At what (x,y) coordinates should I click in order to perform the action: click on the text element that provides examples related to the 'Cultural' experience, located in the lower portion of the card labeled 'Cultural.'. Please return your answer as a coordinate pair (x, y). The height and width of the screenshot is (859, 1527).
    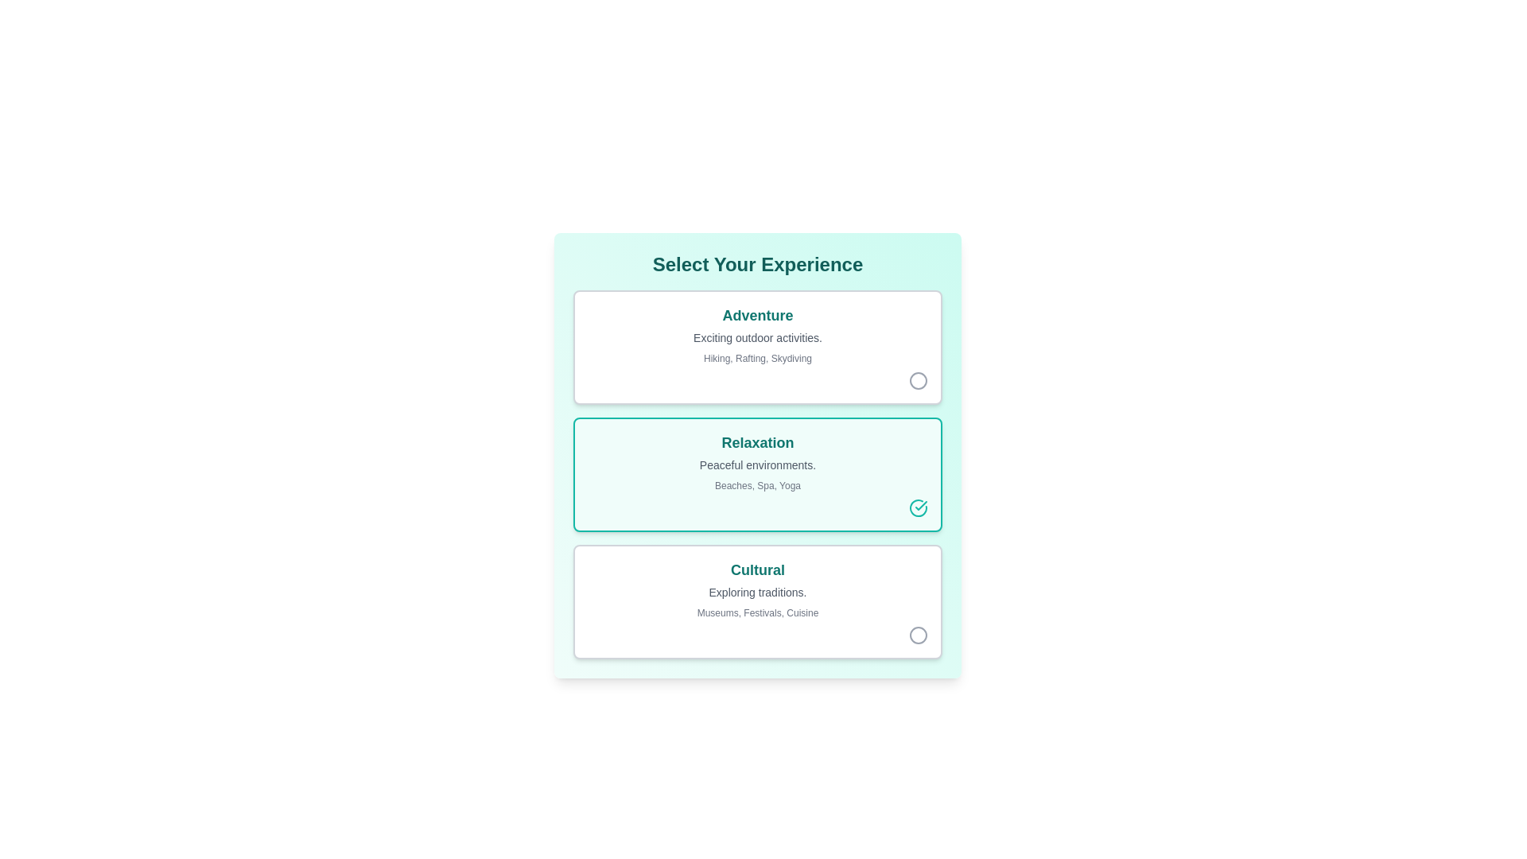
    Looking at the image, I should click on (757, 612).